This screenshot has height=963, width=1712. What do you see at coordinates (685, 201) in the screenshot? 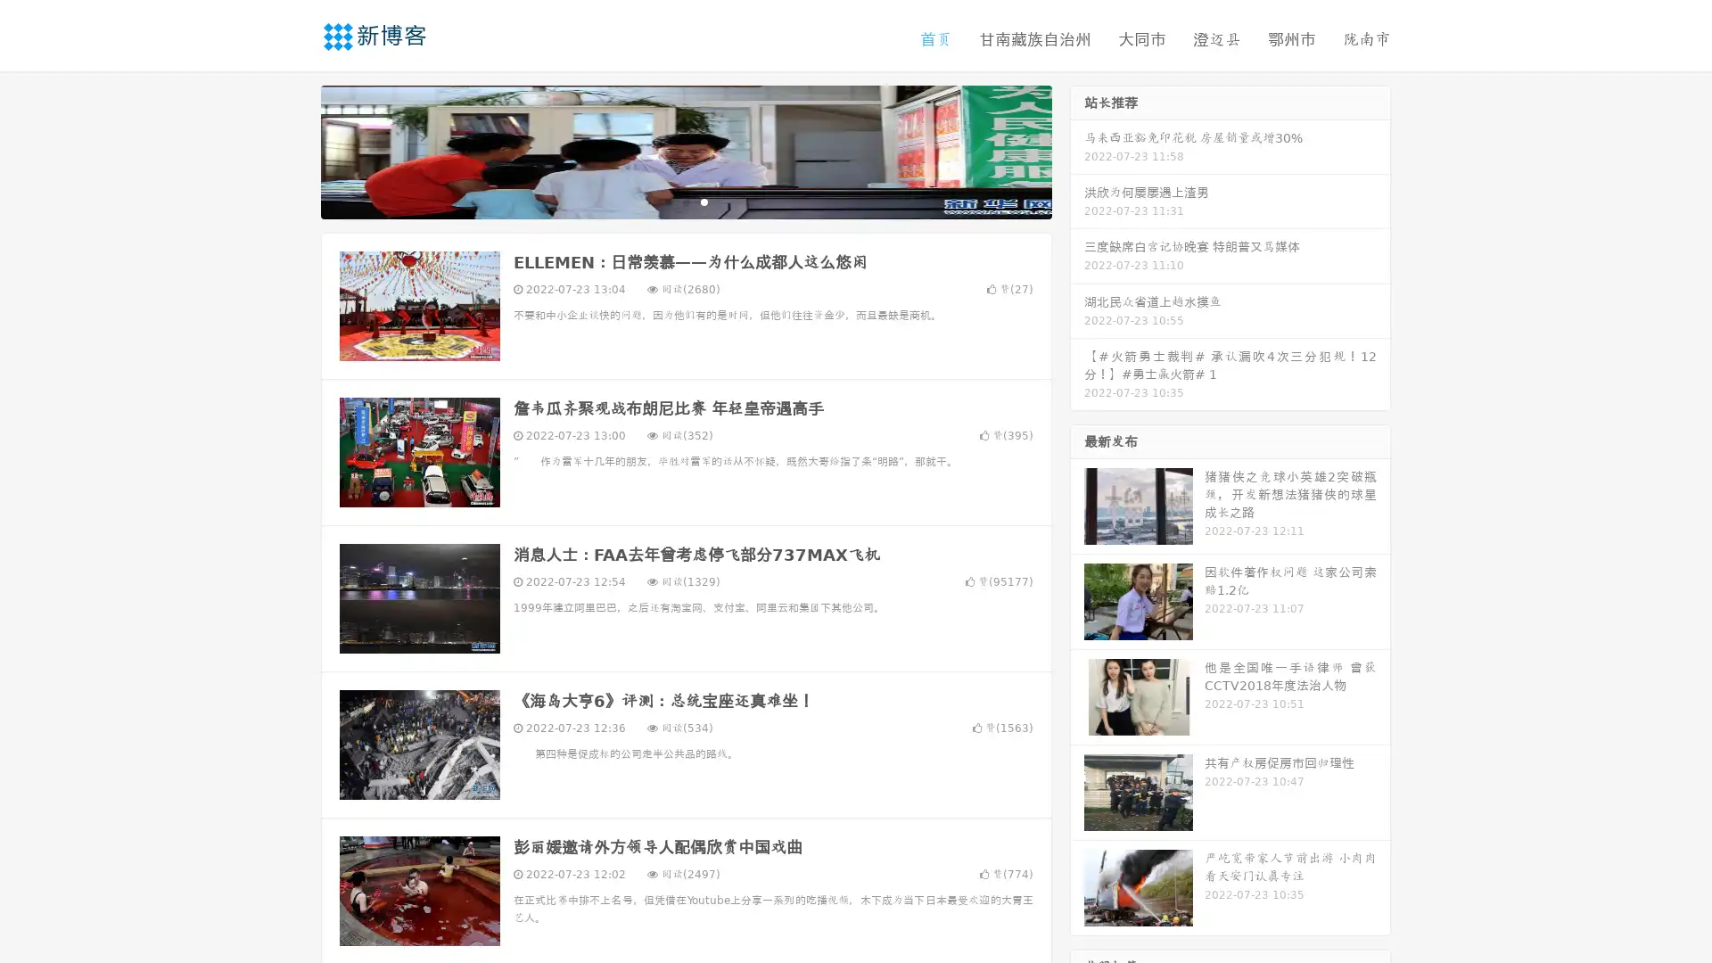
I see `Go to slide 2` at bounding box center [685, 201].